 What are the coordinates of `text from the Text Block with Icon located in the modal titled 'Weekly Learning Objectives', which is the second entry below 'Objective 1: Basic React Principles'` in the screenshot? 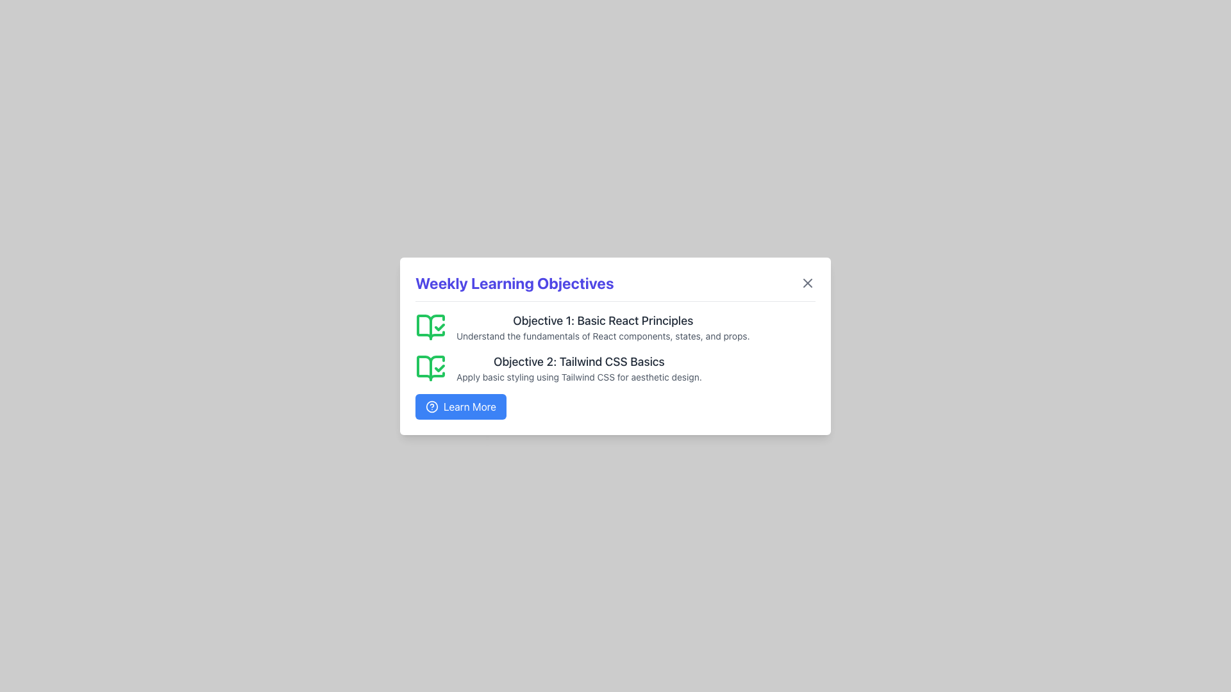 It's located at (615, 368).